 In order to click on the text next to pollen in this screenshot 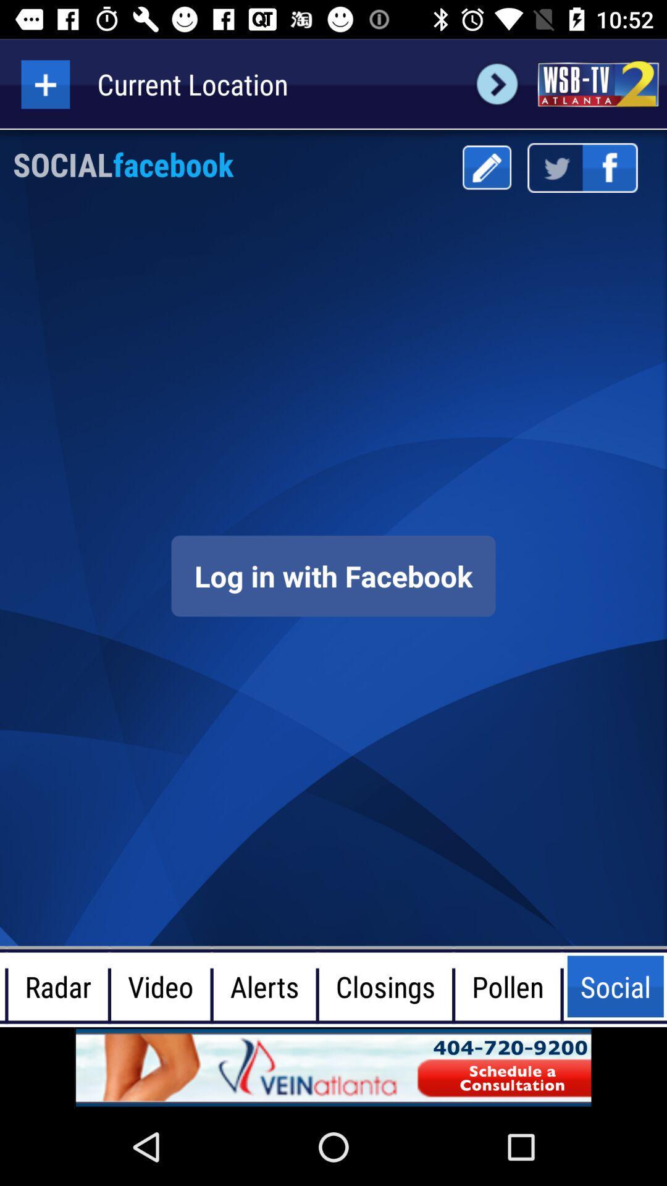, I will do `click(615, 986)`.